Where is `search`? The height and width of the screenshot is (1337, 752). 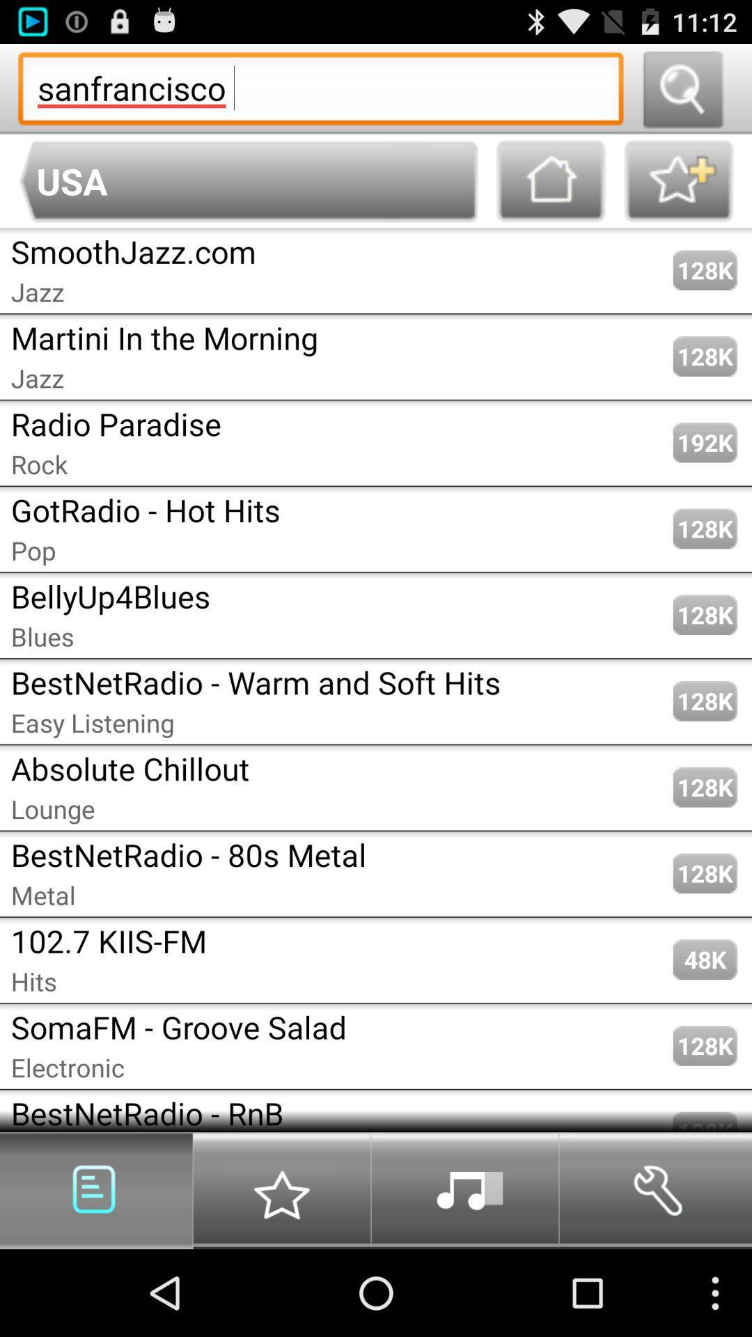 search is located at coordinates (682, 88).